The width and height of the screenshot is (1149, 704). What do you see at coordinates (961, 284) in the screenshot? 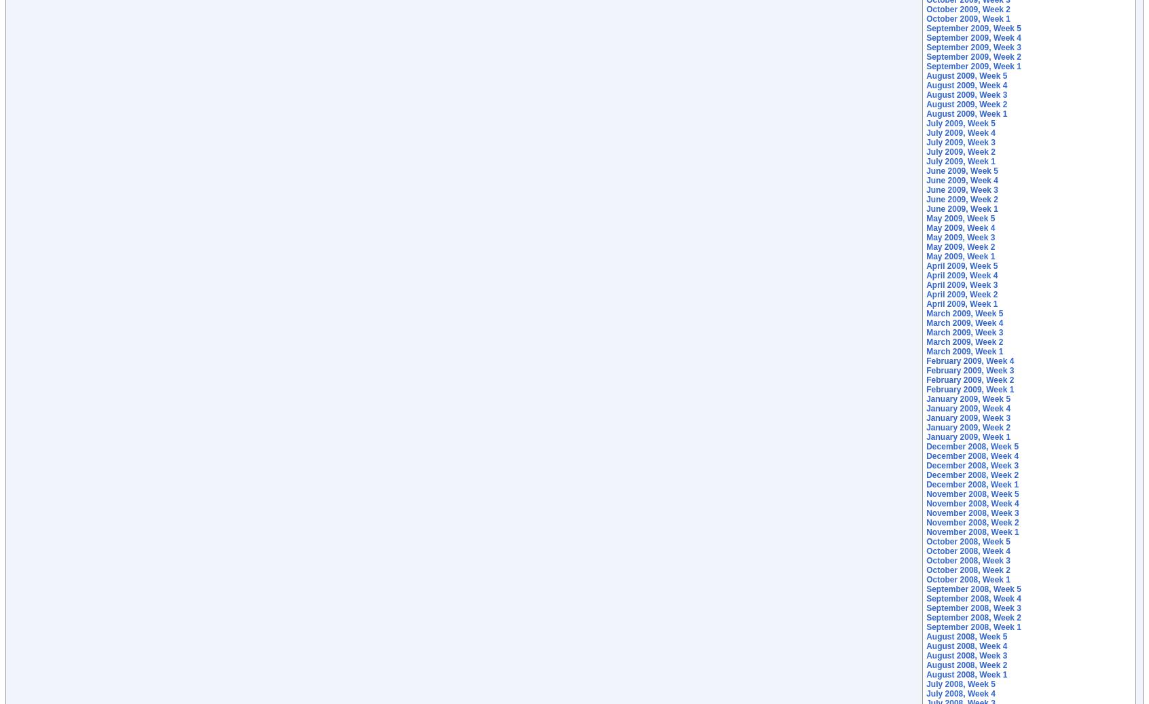
I see `'April 2009, Week 3'` at bounding box center [961, 284].